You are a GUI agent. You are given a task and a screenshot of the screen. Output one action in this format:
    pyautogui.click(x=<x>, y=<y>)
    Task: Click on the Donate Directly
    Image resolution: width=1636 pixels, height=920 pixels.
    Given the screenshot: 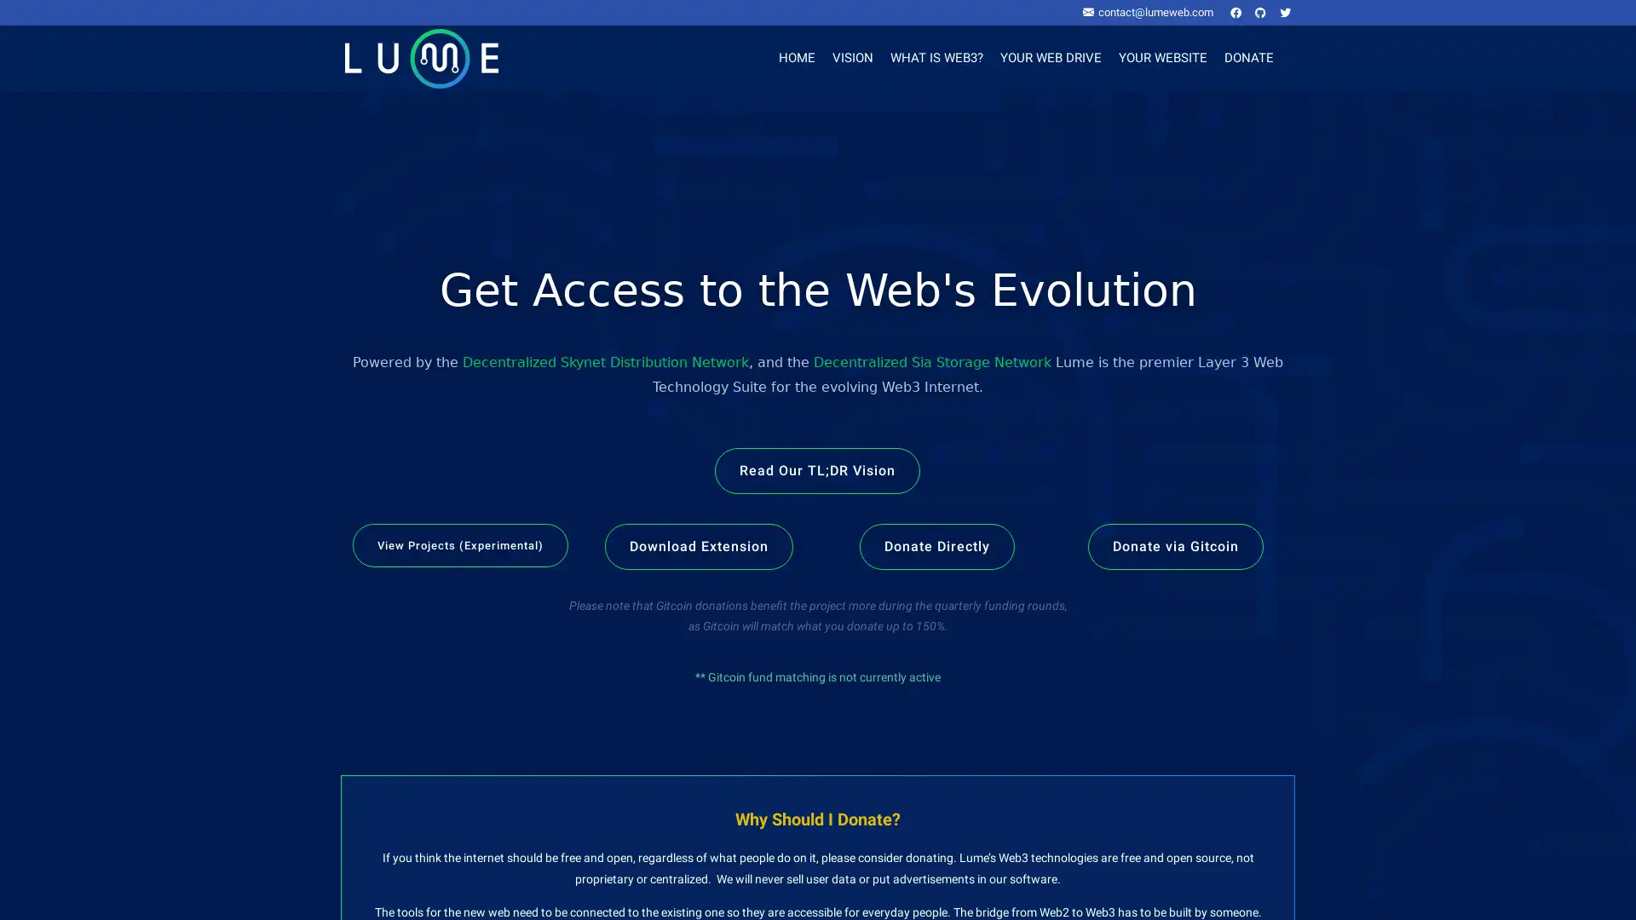 What is the action you would take?
    pyautogui.click(x=936, y=545)
    